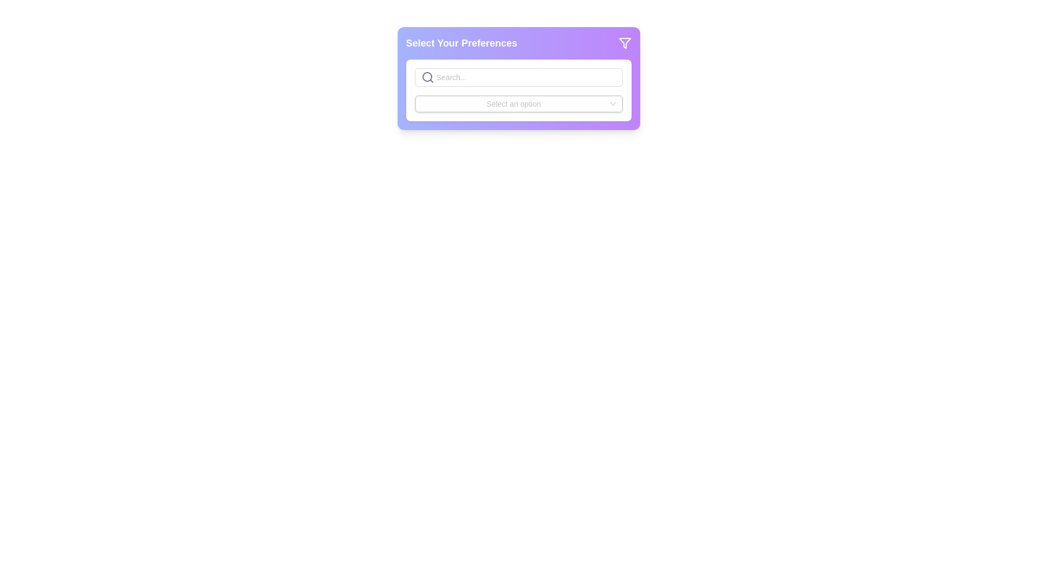 The image size is (1040, 585). I want to click on the Dropdown menu located directly below the search bar, which allows users to select an option from a predefined list, so click(518, 104).